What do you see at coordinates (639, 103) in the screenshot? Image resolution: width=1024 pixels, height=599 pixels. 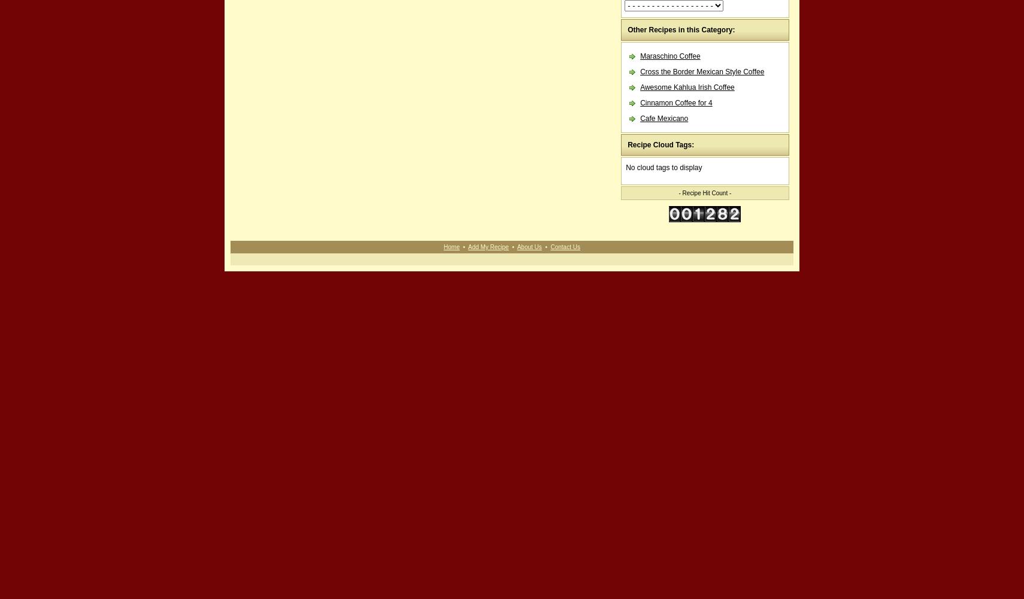 I see `'Cinnamon Coffee for 4'` at bounding box center [639, 103].